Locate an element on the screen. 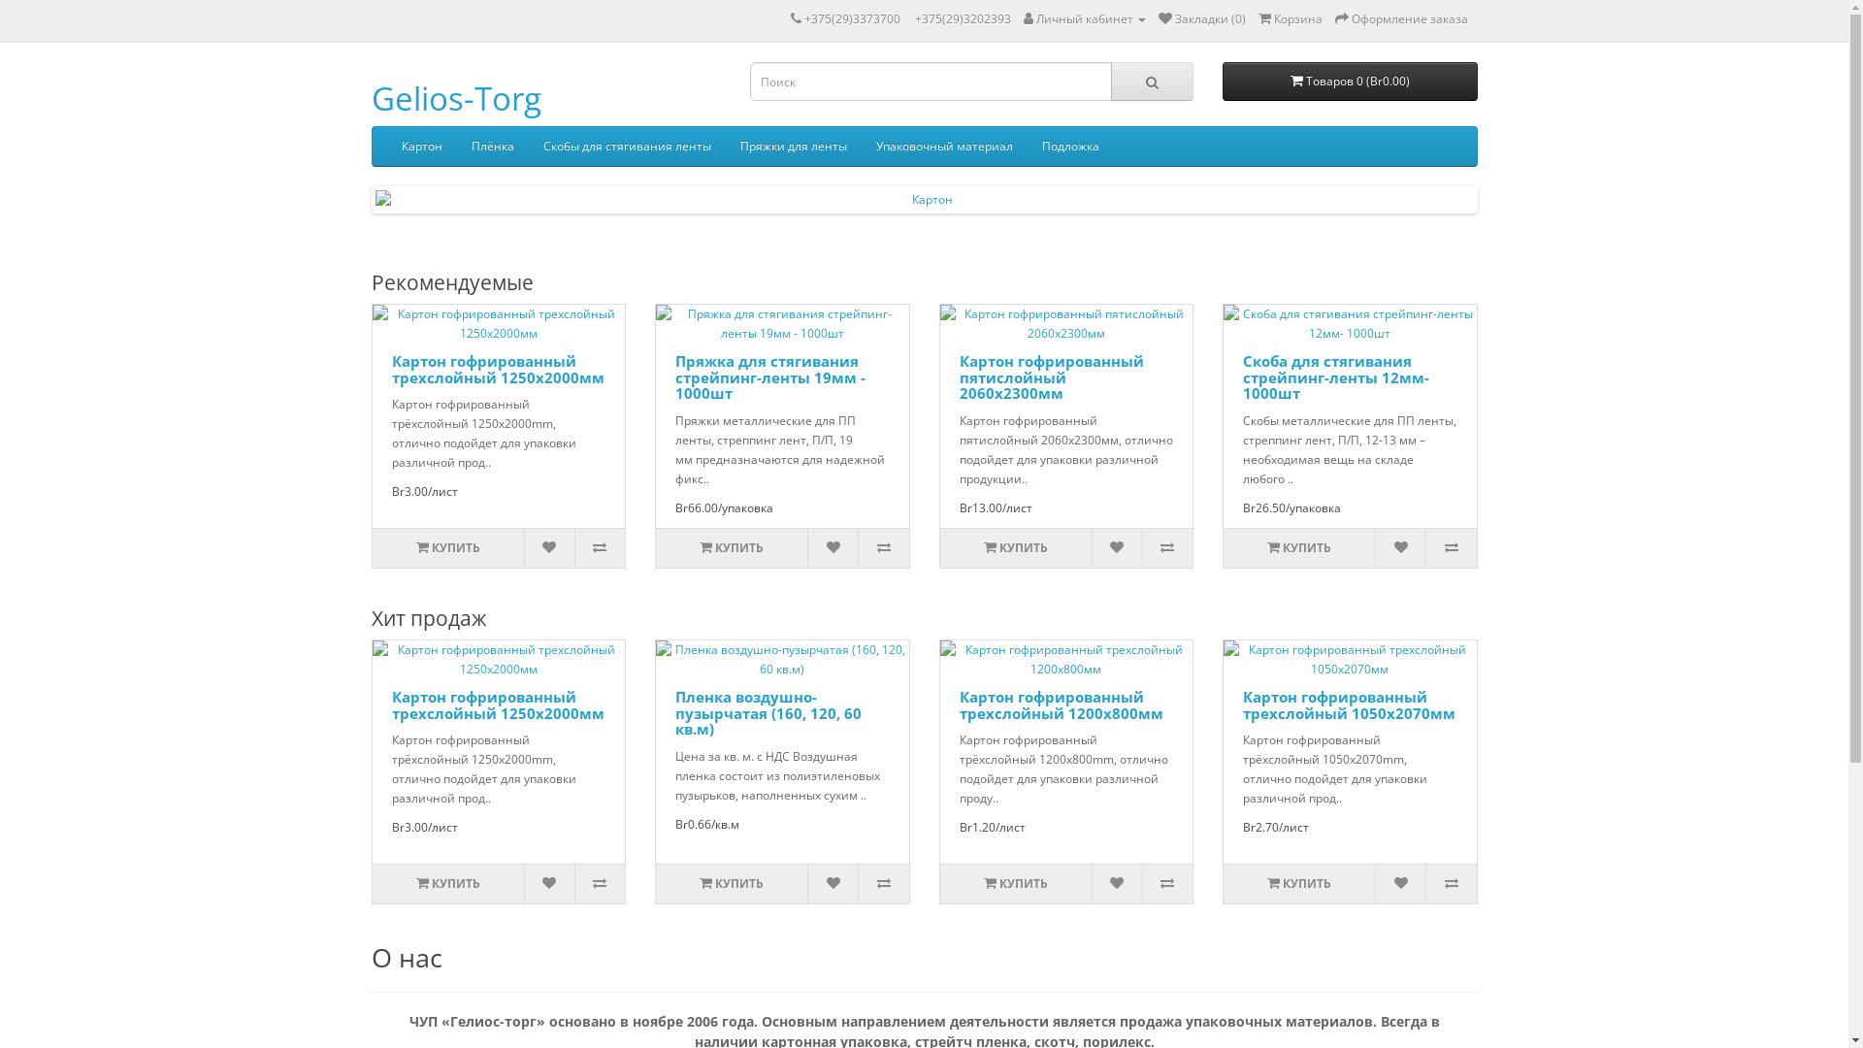 The image size is (1863, 1048). '+375(29)3373700' is located at coordinates (851, 18).